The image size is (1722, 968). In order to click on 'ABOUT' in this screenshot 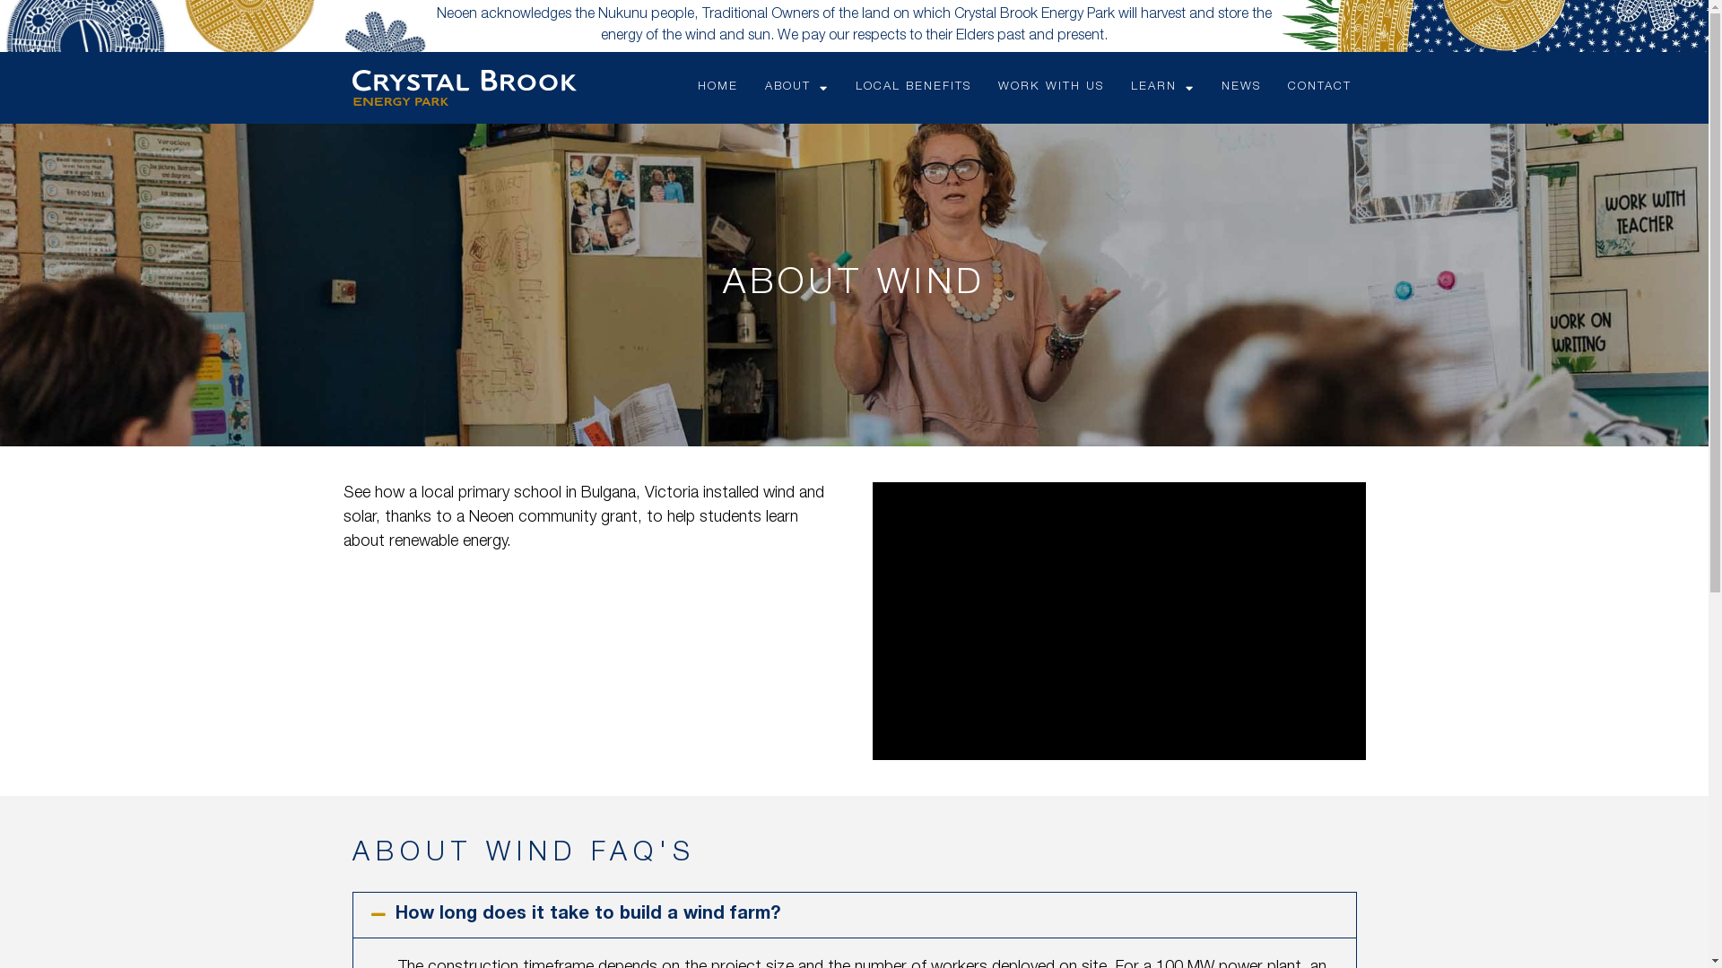, I will do `click(796, 87)`.